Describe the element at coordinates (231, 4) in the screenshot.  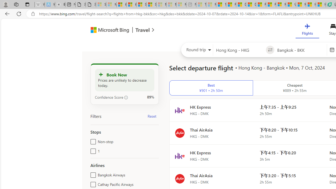
I see `'Food and Drink - MSN'` at that location.